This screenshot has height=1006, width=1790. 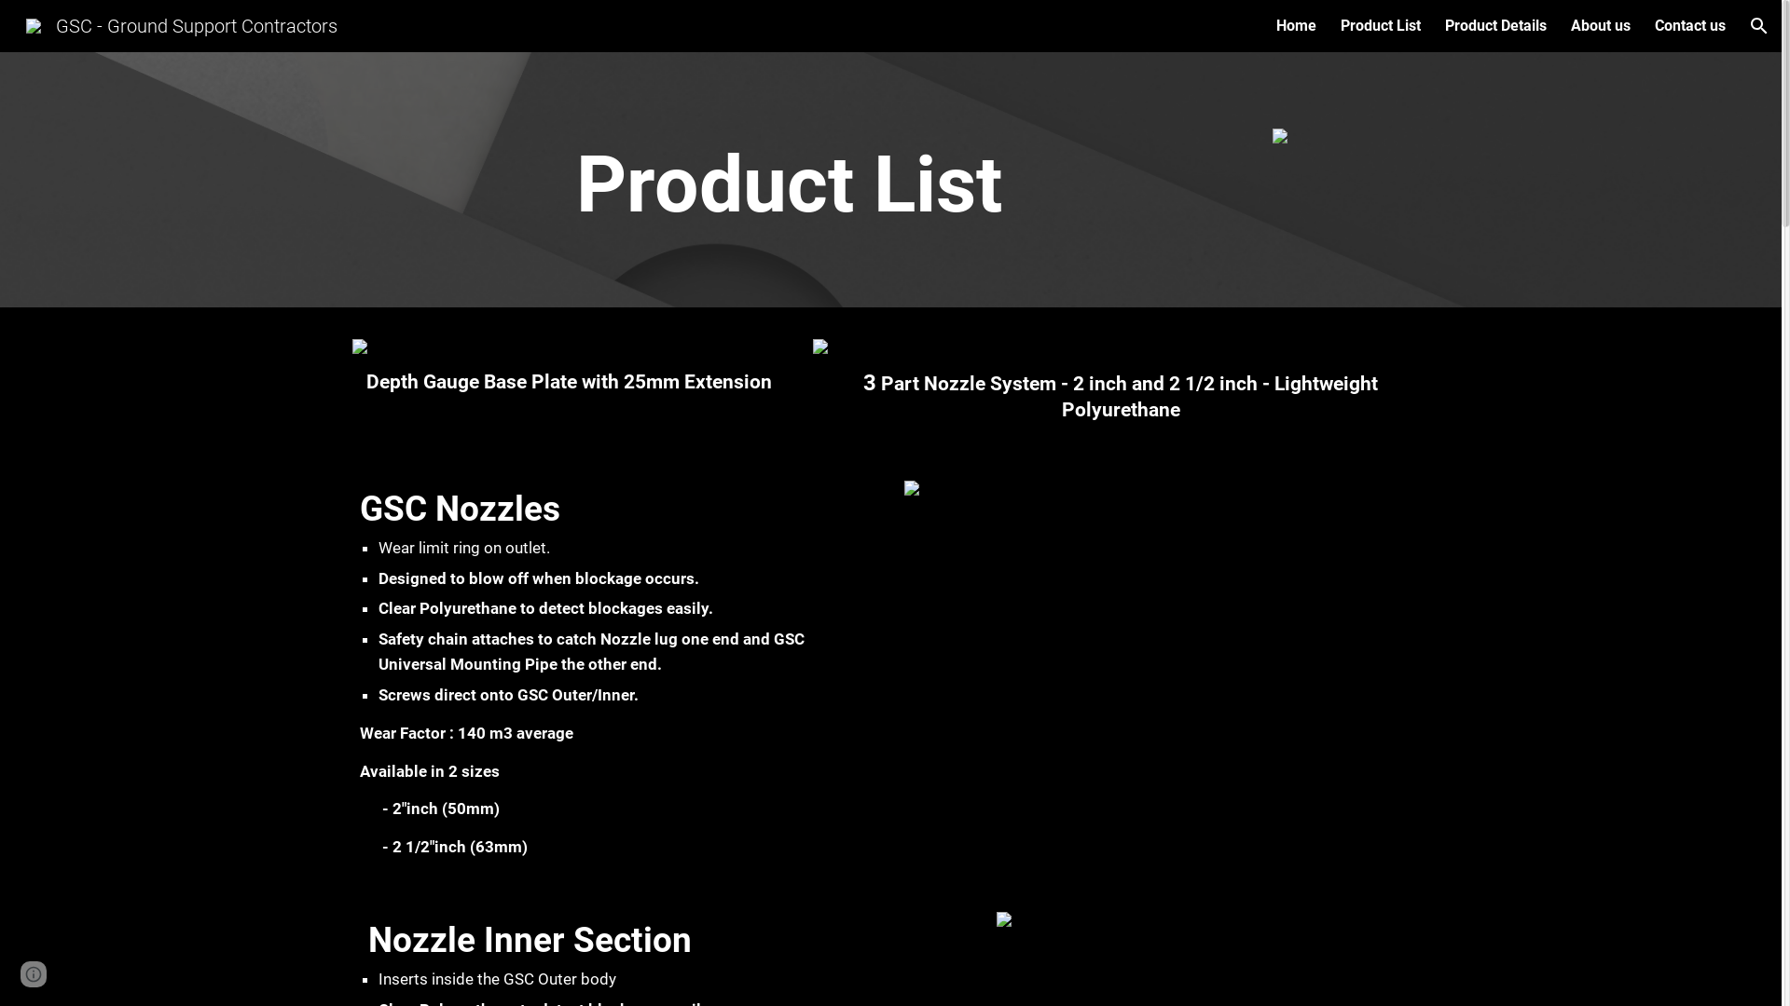 What do you see at coordinates (1690, 25) in the screenshot?
I see `'Contact us'` at bounding box center [1690, 25].